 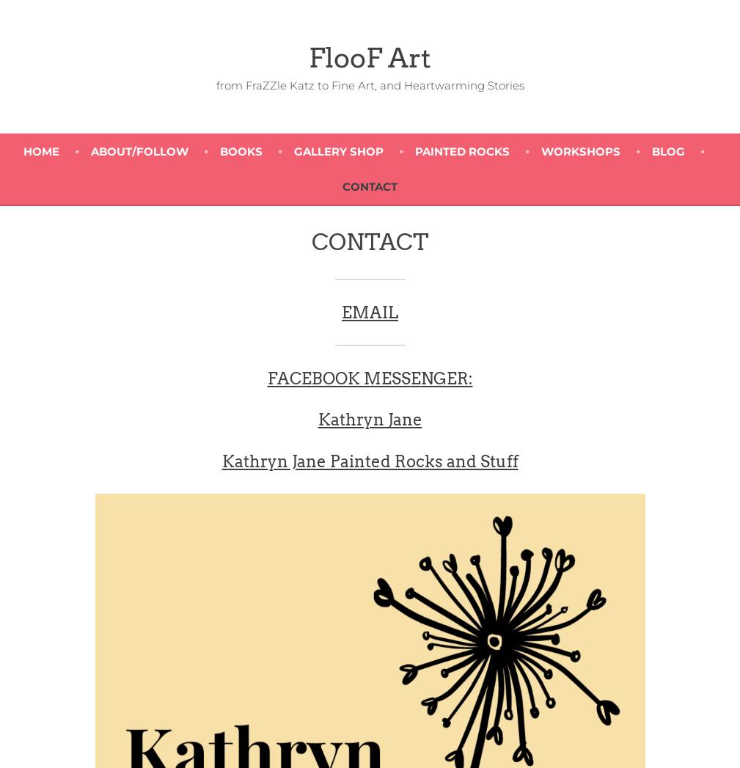 I want to click on 'FlooF Art', so click(x=369, y=57).